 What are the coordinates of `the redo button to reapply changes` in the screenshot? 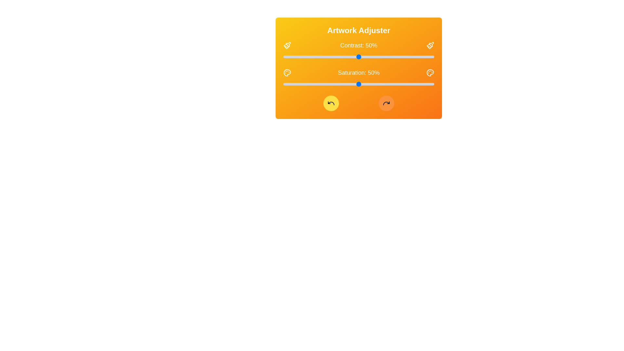 It's located at (386, 103).